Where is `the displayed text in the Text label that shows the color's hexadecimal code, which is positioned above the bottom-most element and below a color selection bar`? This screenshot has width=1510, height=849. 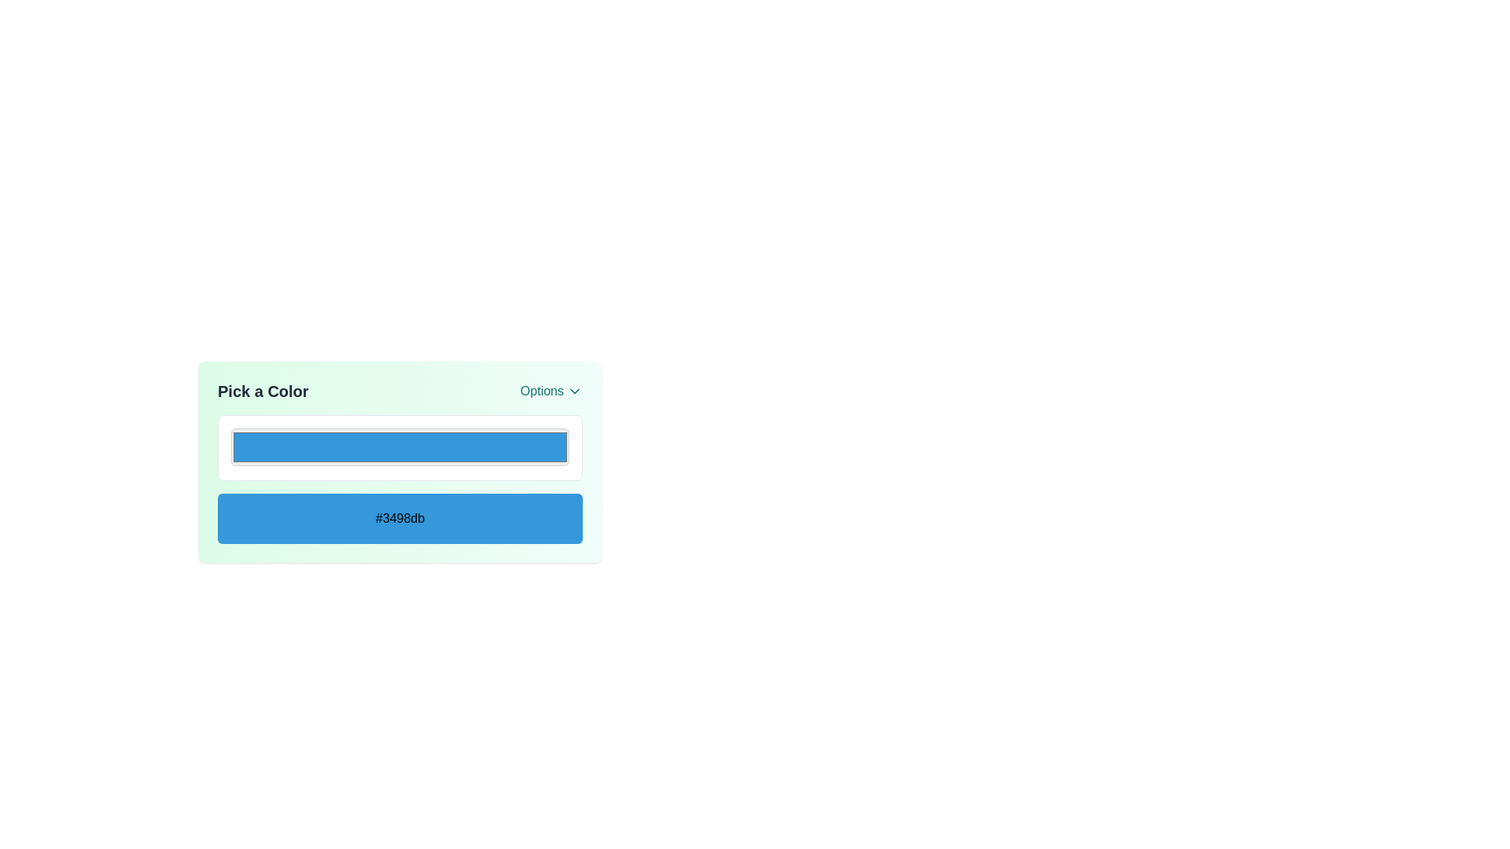 the displayed text in the Text label that shows the color's hexadecimal code, which is positioned above the bottom-most element and below a color selection bar is located at coordinates (400, 501).